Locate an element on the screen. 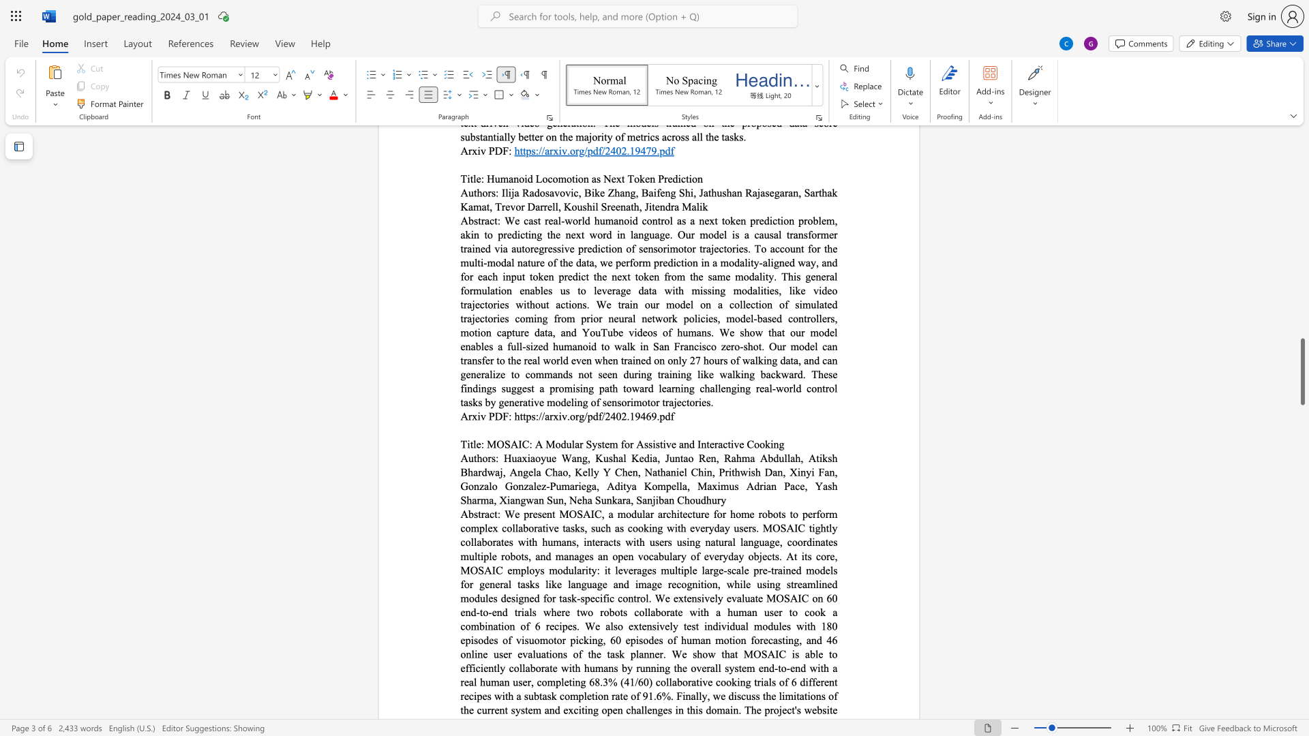 This screenshot has width=1309, height=736. the scrollbar on the side is located at coordinates (1302, 252).